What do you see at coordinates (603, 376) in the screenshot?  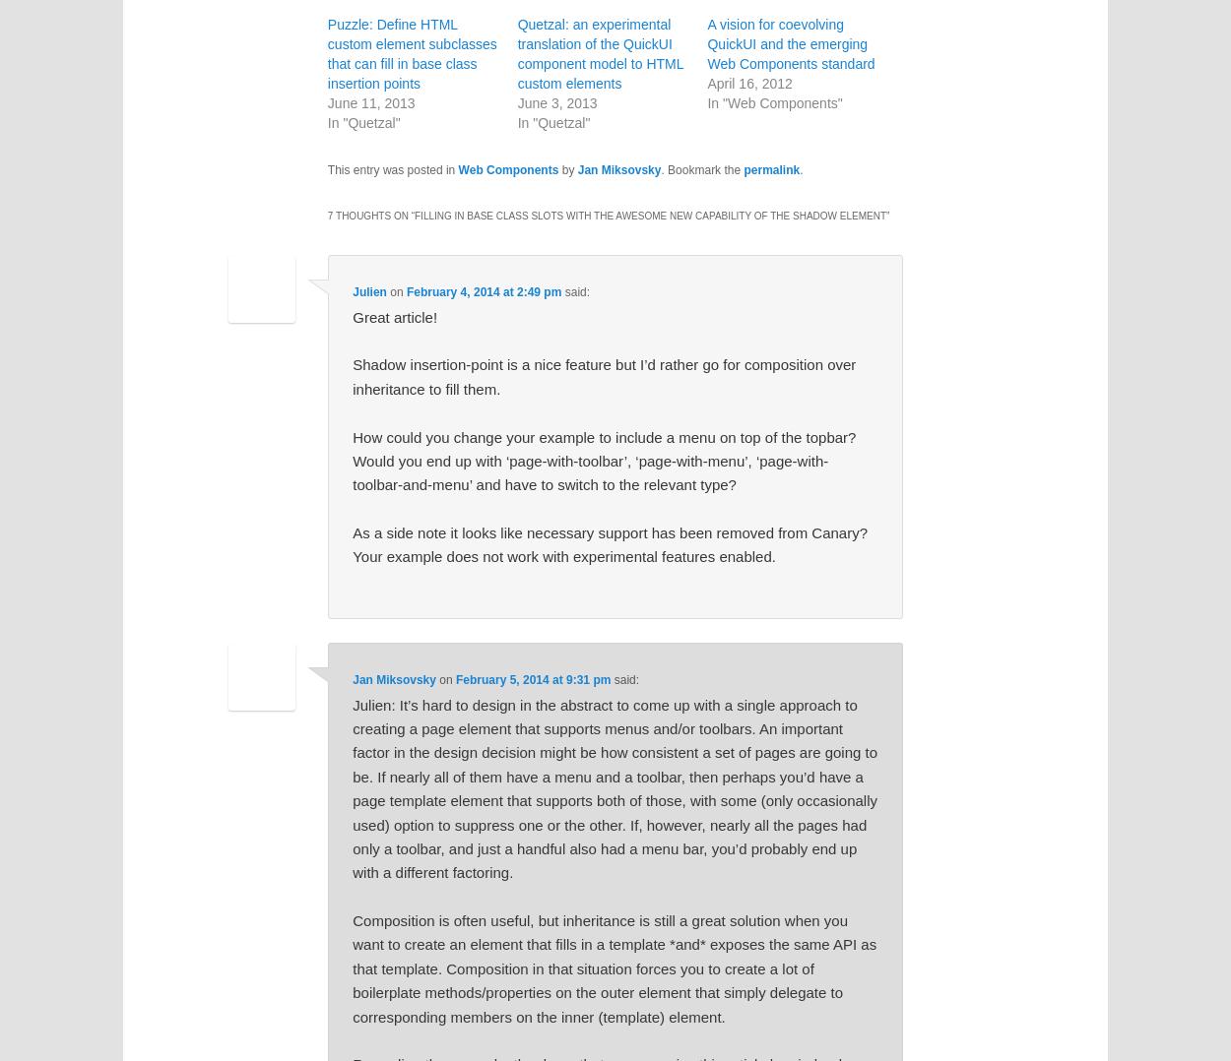 I see `'Shadow insertion-point is a nice feature but I’d rather go for composition over inheritance to fill them.'` at bounding box center [603, 376].